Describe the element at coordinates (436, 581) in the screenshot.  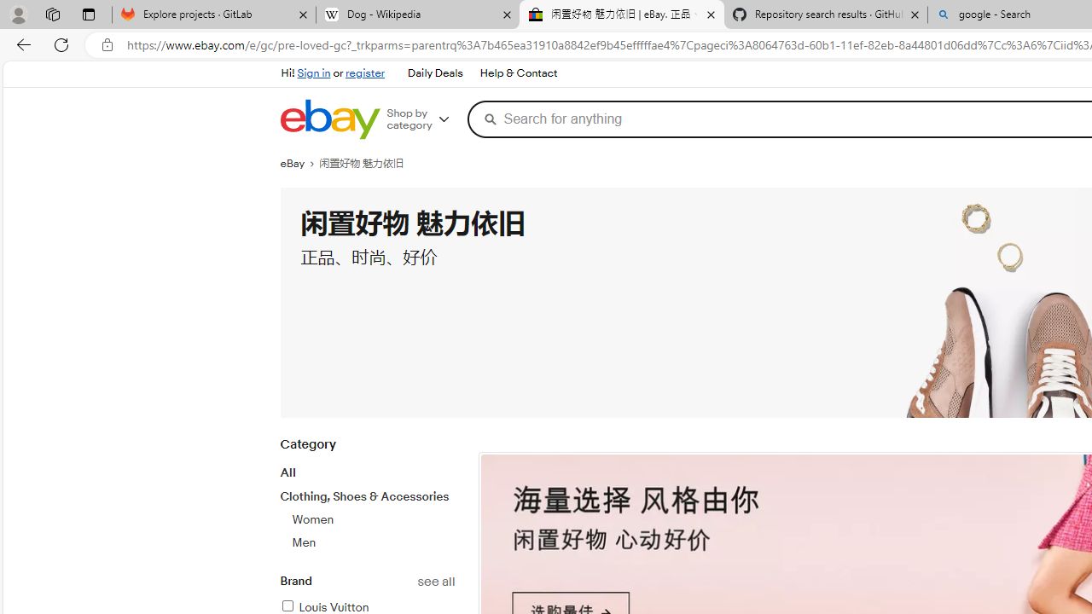
I see `'See all brand refinements'` at that location.